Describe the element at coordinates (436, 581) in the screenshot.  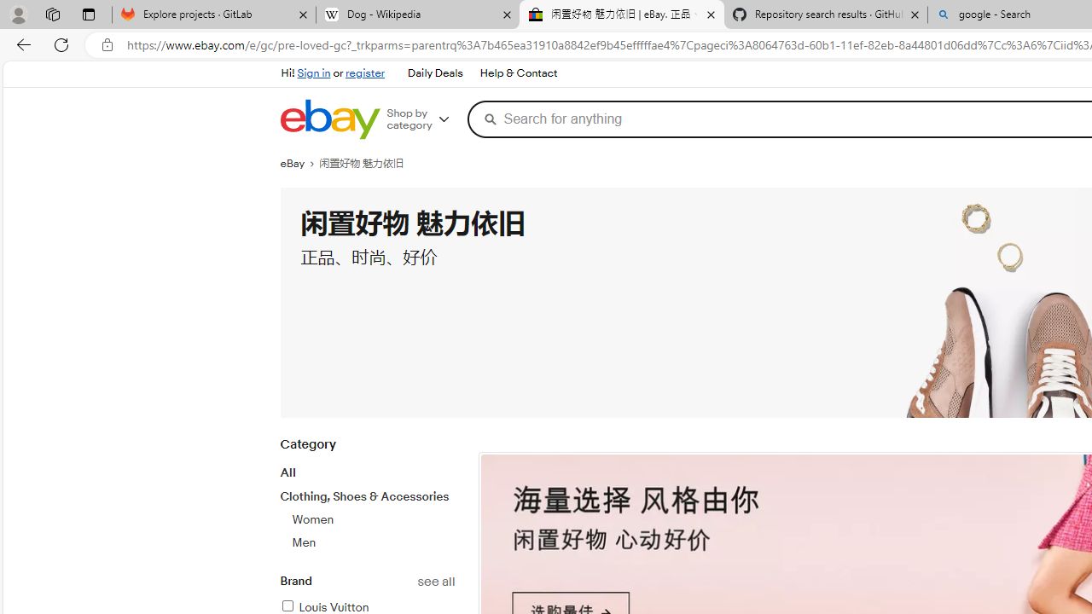
I see `'See all brand refinements'` at that location.